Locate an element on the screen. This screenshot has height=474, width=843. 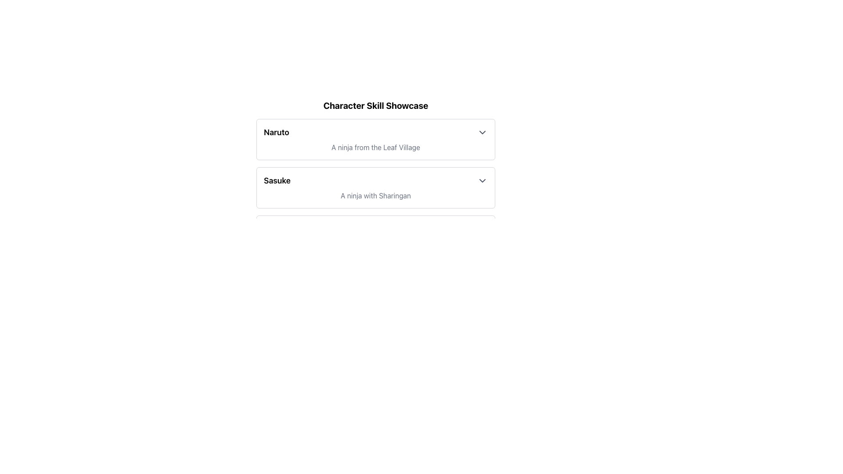
the Dropdown toggle button located at the far right of the section containing the text 'Naruto' is located at coordinates (482, 132).